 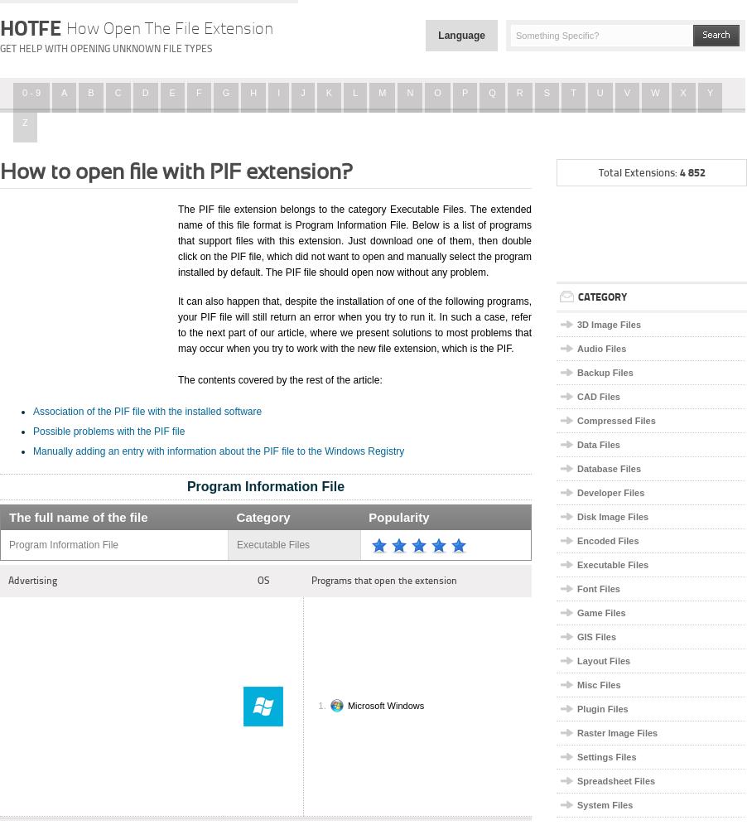 What do you see at coordinates (576, 683) in the screenshot?
I see `'Misc Files'` at bounding box center [576, 683].